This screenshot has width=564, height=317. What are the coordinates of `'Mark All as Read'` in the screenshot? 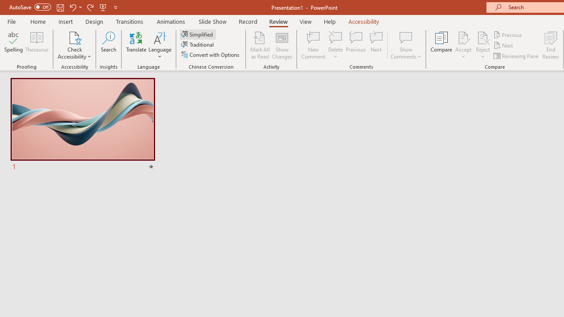 It's located at (260, 45).